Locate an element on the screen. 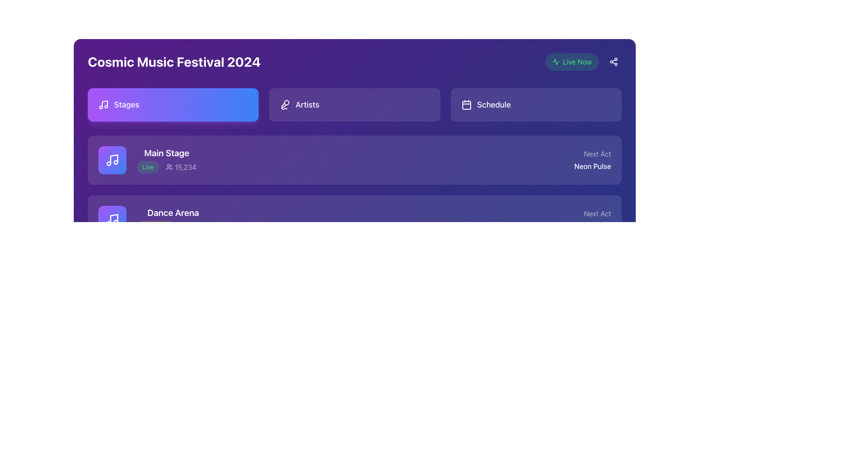 The image size is (843, 474). the musical note icon with a white outline against a purple background located inside the 'Stages' button, positioned to the left of the button's text label is located at coordinates (103, 104).